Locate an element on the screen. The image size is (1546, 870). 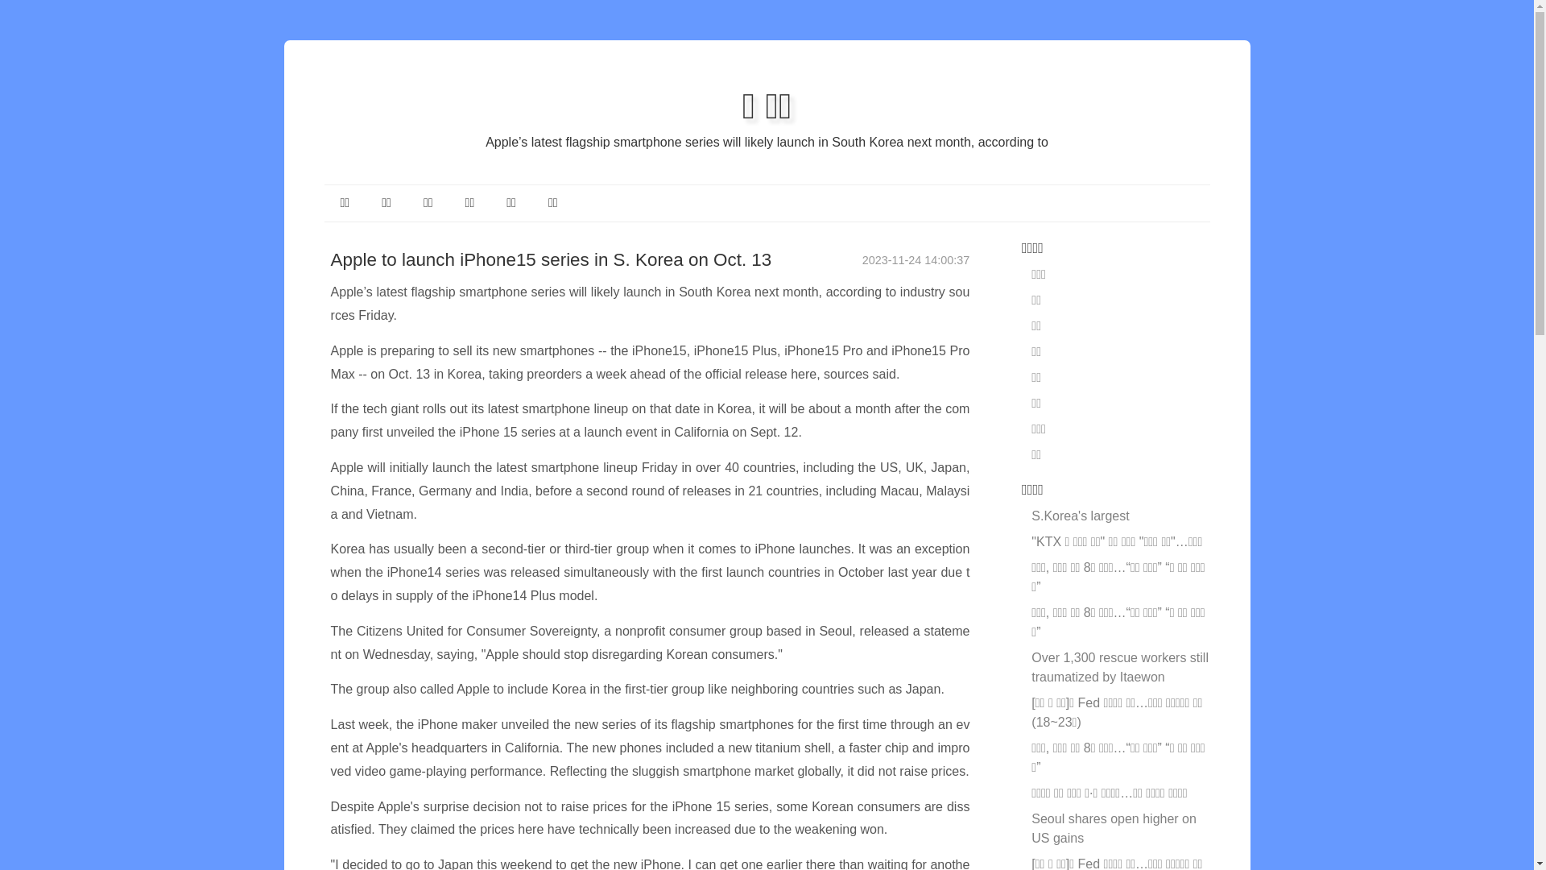
'S.Korea's largest' is located at coordinates (1080, 516).